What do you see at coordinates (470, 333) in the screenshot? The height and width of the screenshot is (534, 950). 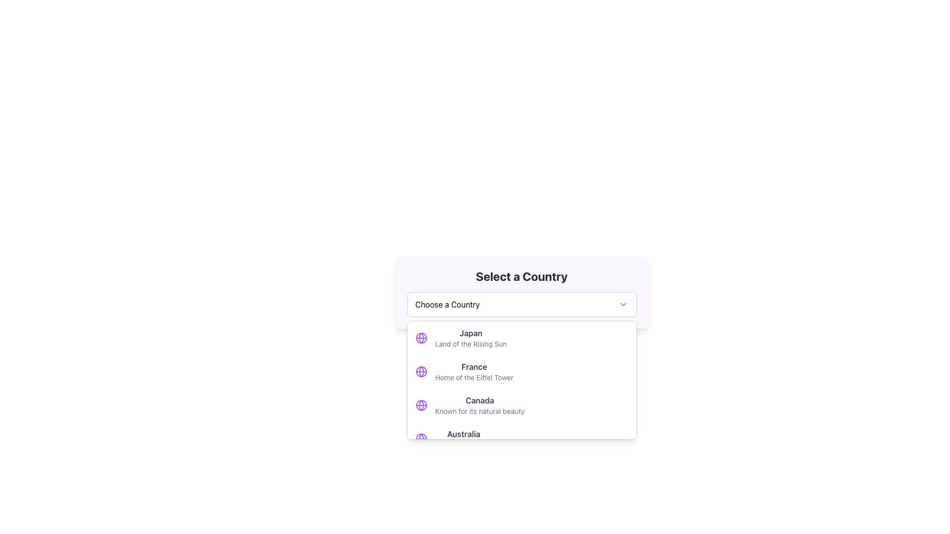 I see `the text label displaying 'Japan' in bold, dark gray font` at bounding box center [470, 333].